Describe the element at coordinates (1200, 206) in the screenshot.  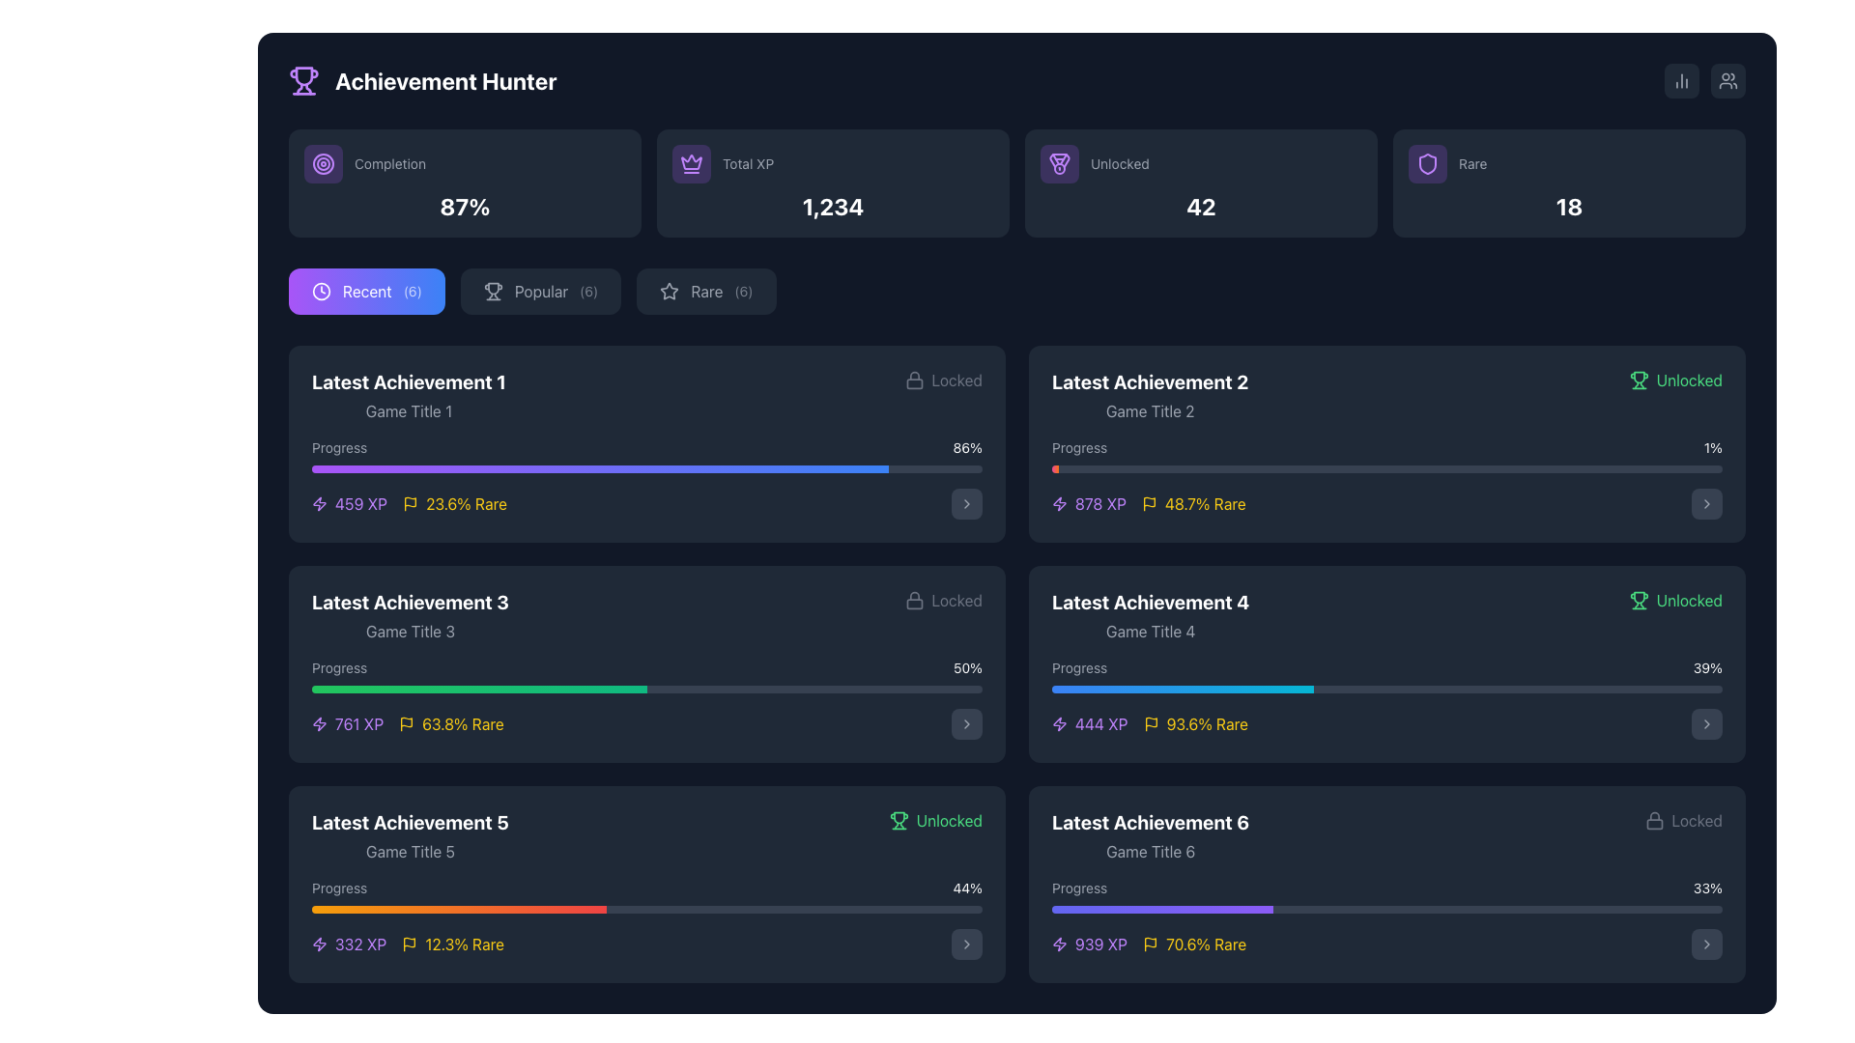
I see `the numerical text element displaying the value '42' in bold, large white text` at that location.